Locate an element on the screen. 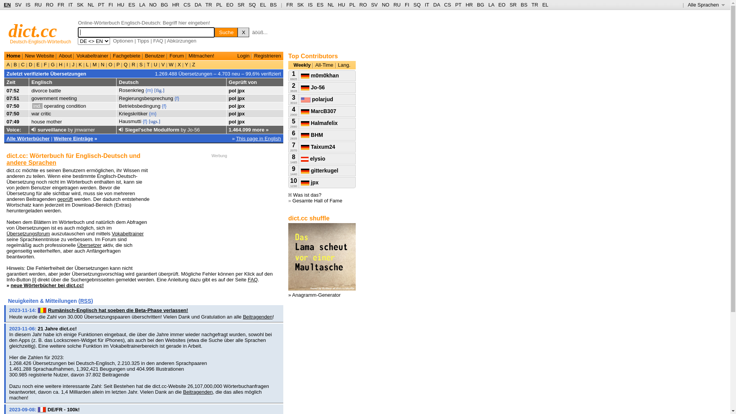 The width and height of the screenshot is (736, 414). 'IS' is located at coordinates (310, 5).